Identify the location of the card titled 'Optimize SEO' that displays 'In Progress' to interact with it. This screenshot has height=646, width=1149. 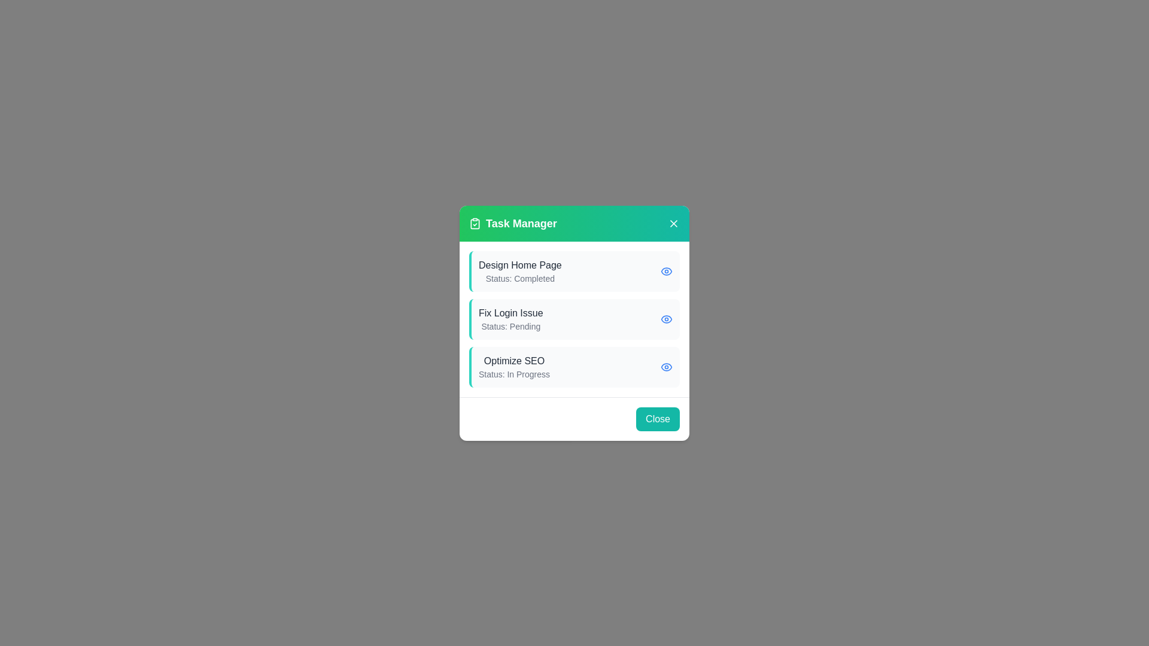
(574, 366).